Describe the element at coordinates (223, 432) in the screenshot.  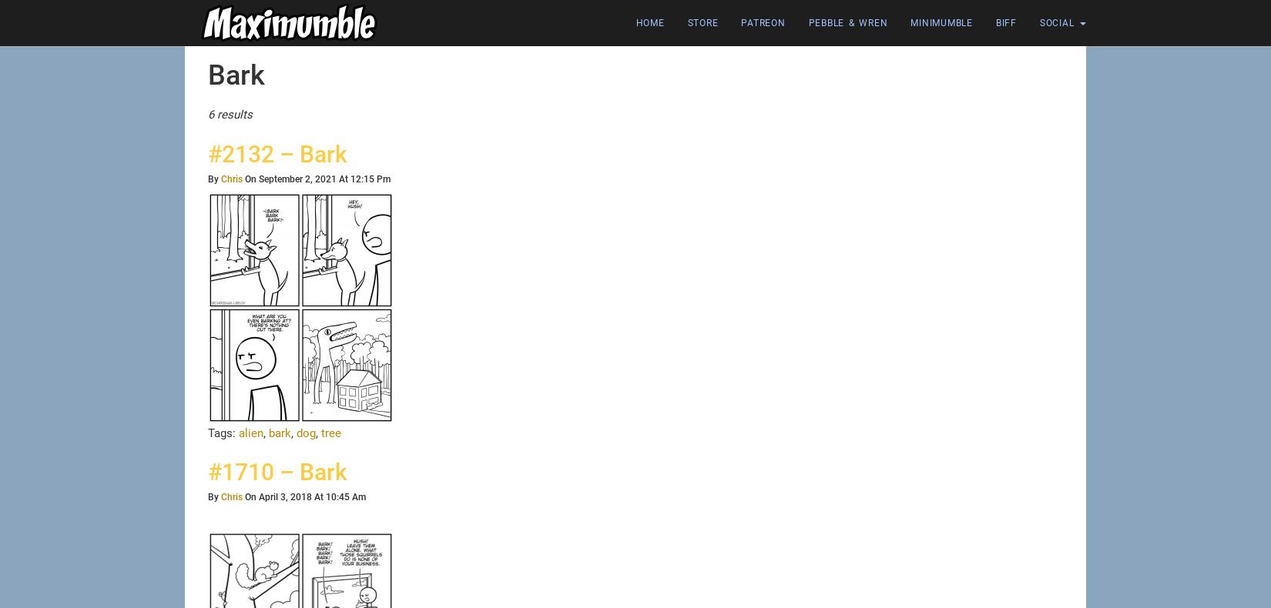
I see `'Tags:'` at that location.